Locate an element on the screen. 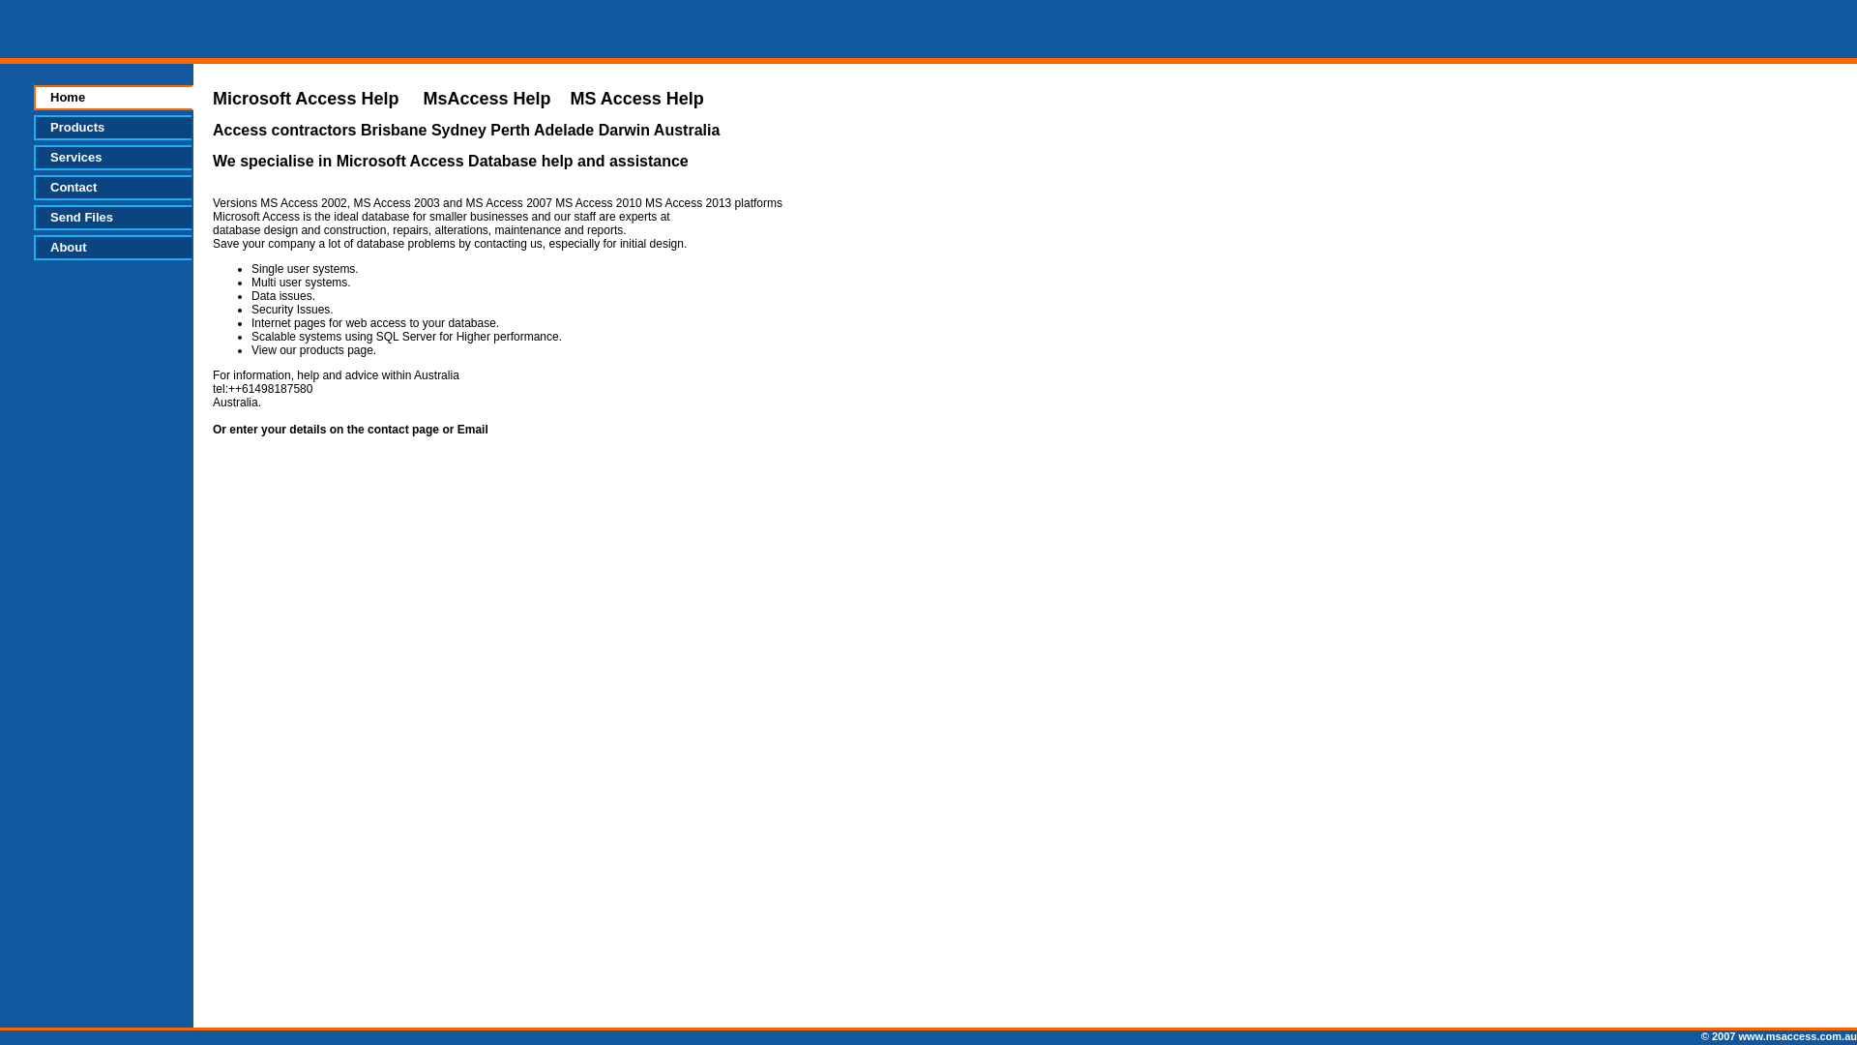 This screenshot has width=1857, height=1045. 'Contact' is located at coordinates (111, 187).